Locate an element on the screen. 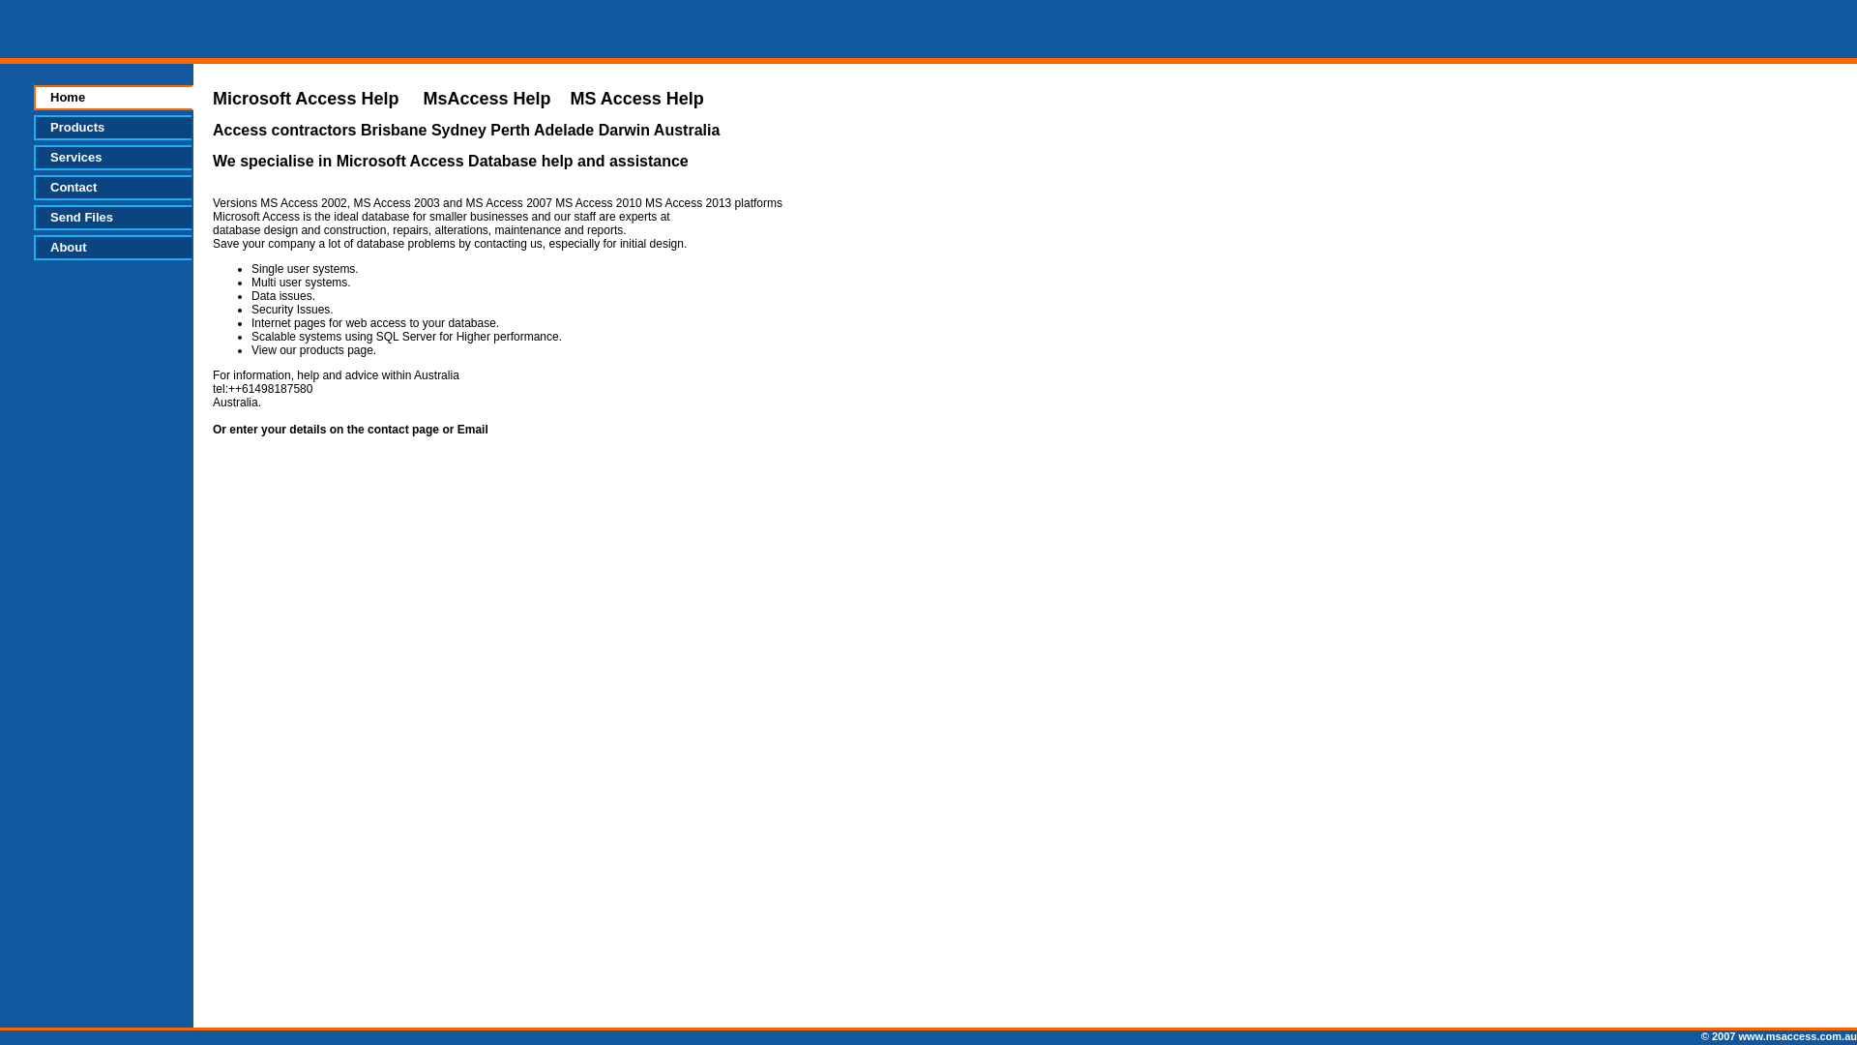 This screenshot has width=1857, height=1045. 'Contact' is located at coordinates (111, 187).